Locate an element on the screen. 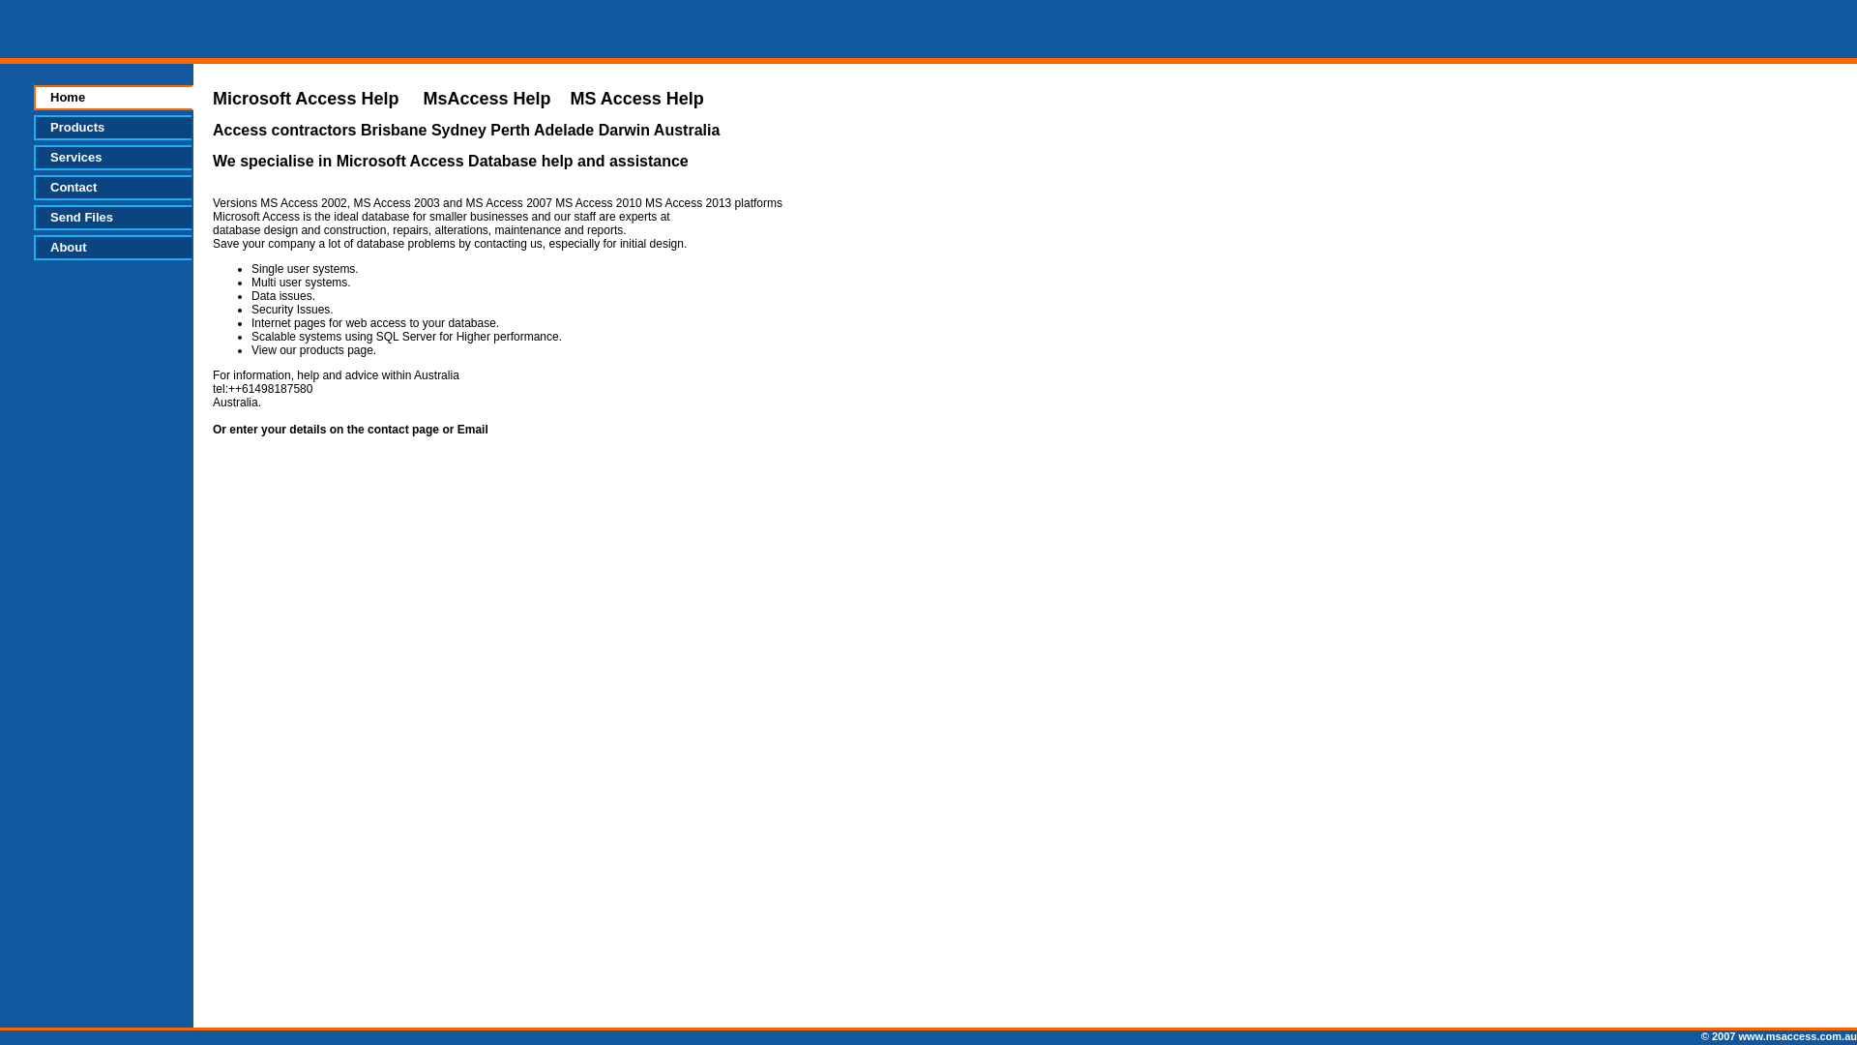 This screenshot has width=1857, height=1045. 'Contact' is located at coordinates (111, 187).